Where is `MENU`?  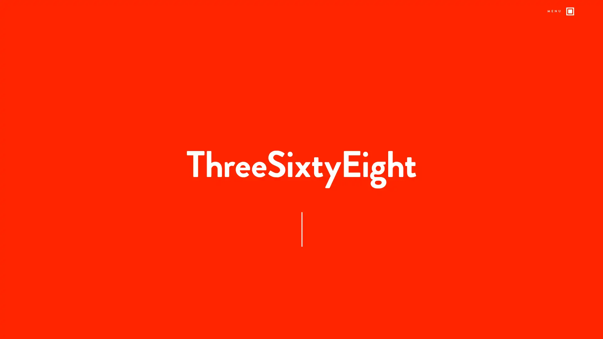
MENU is located at coordinates (561, 12).